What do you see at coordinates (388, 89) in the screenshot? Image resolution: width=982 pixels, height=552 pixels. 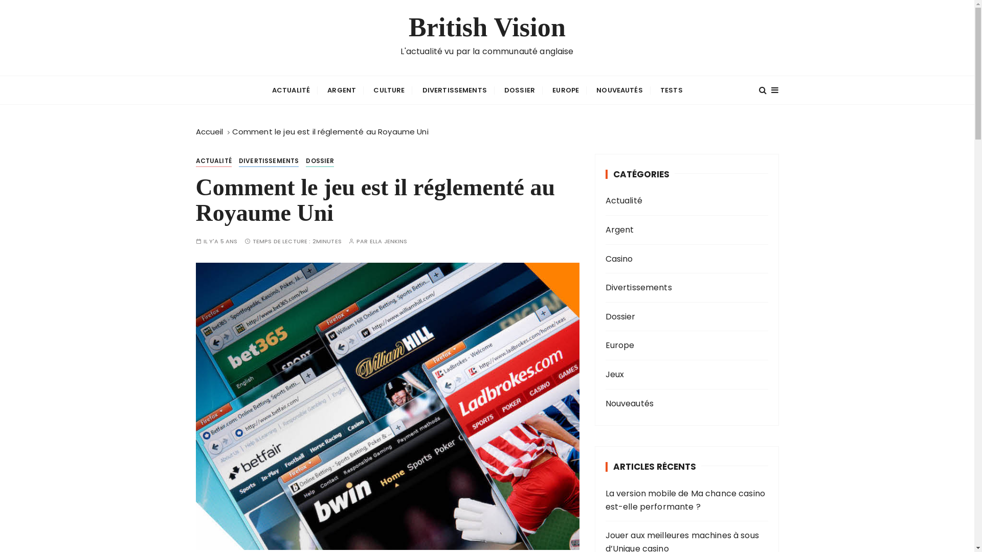 I see `'CULTURE'` at bounding box center [388, 89].